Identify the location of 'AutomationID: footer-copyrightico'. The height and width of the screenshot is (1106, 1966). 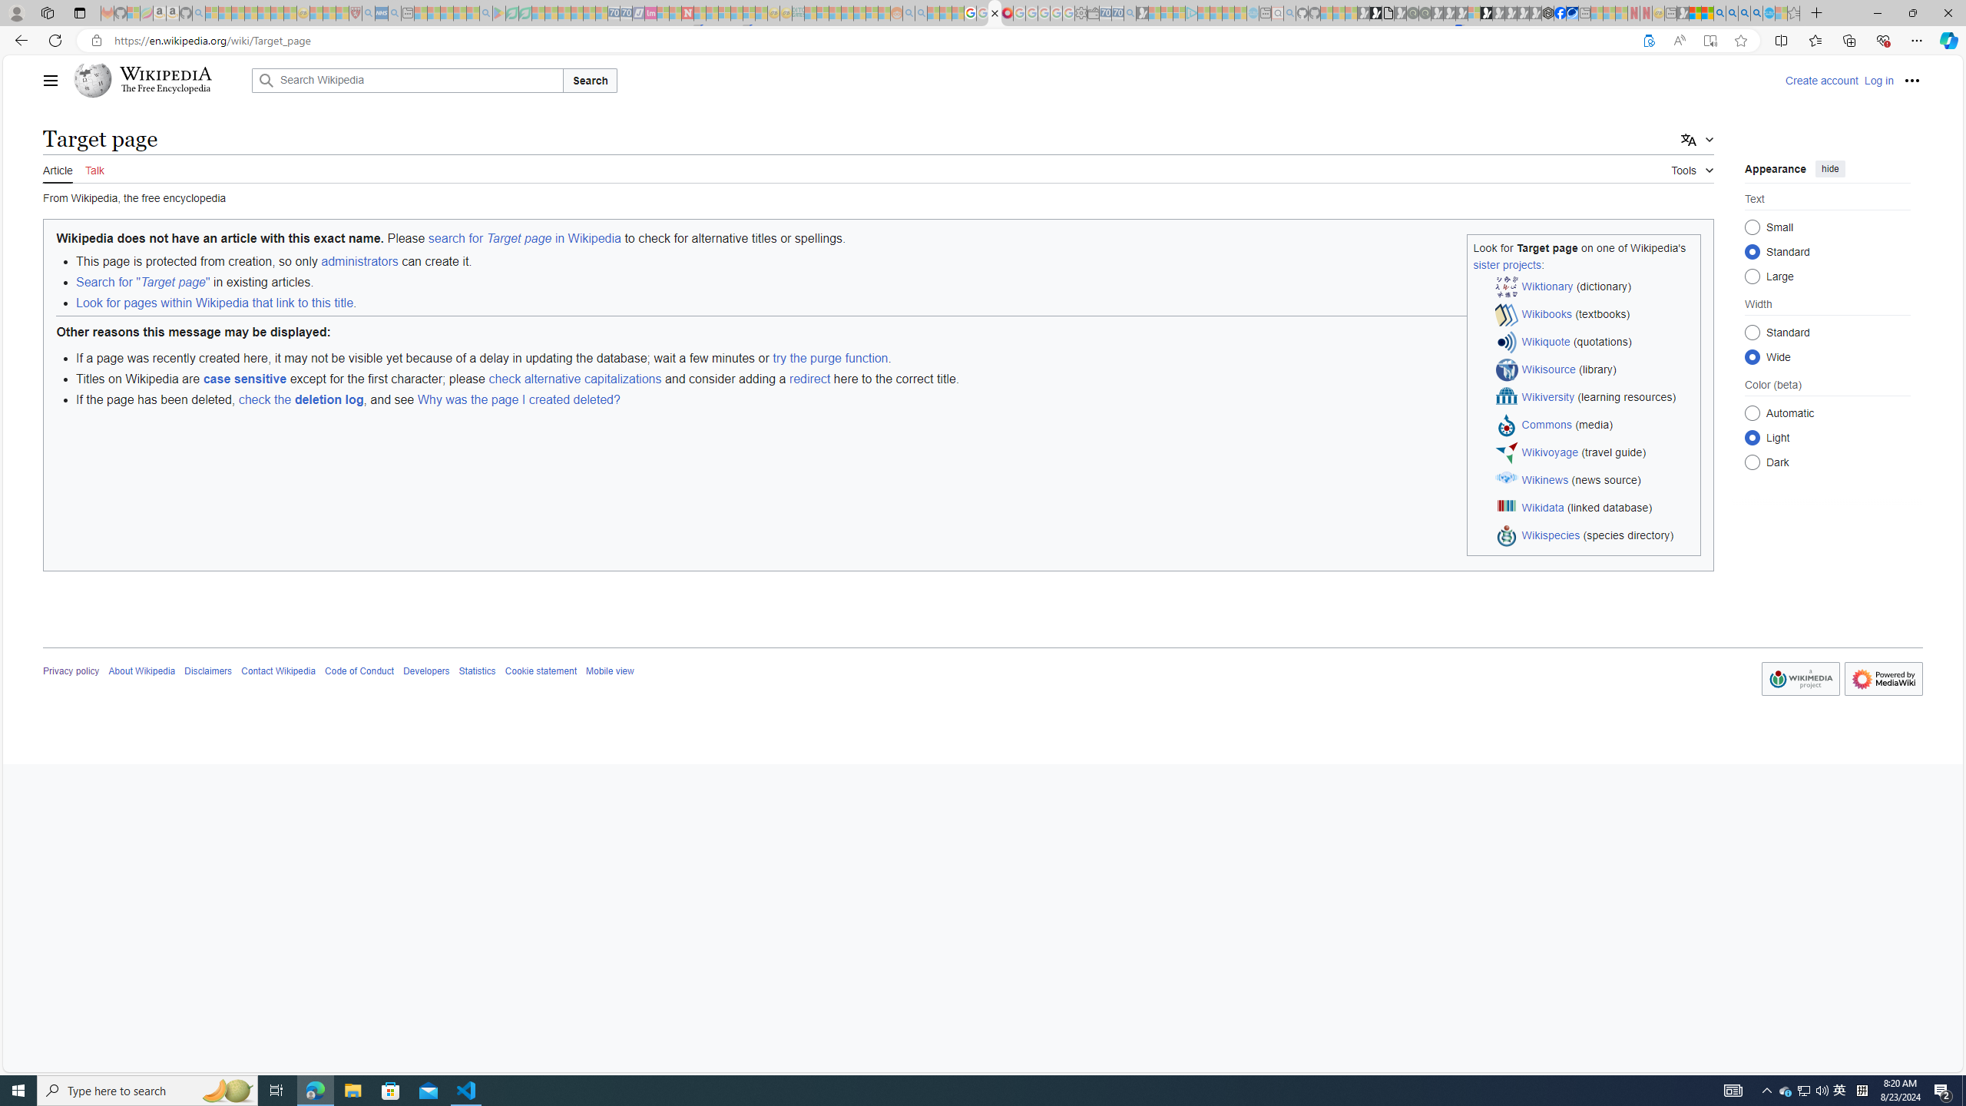
(1799, 679).